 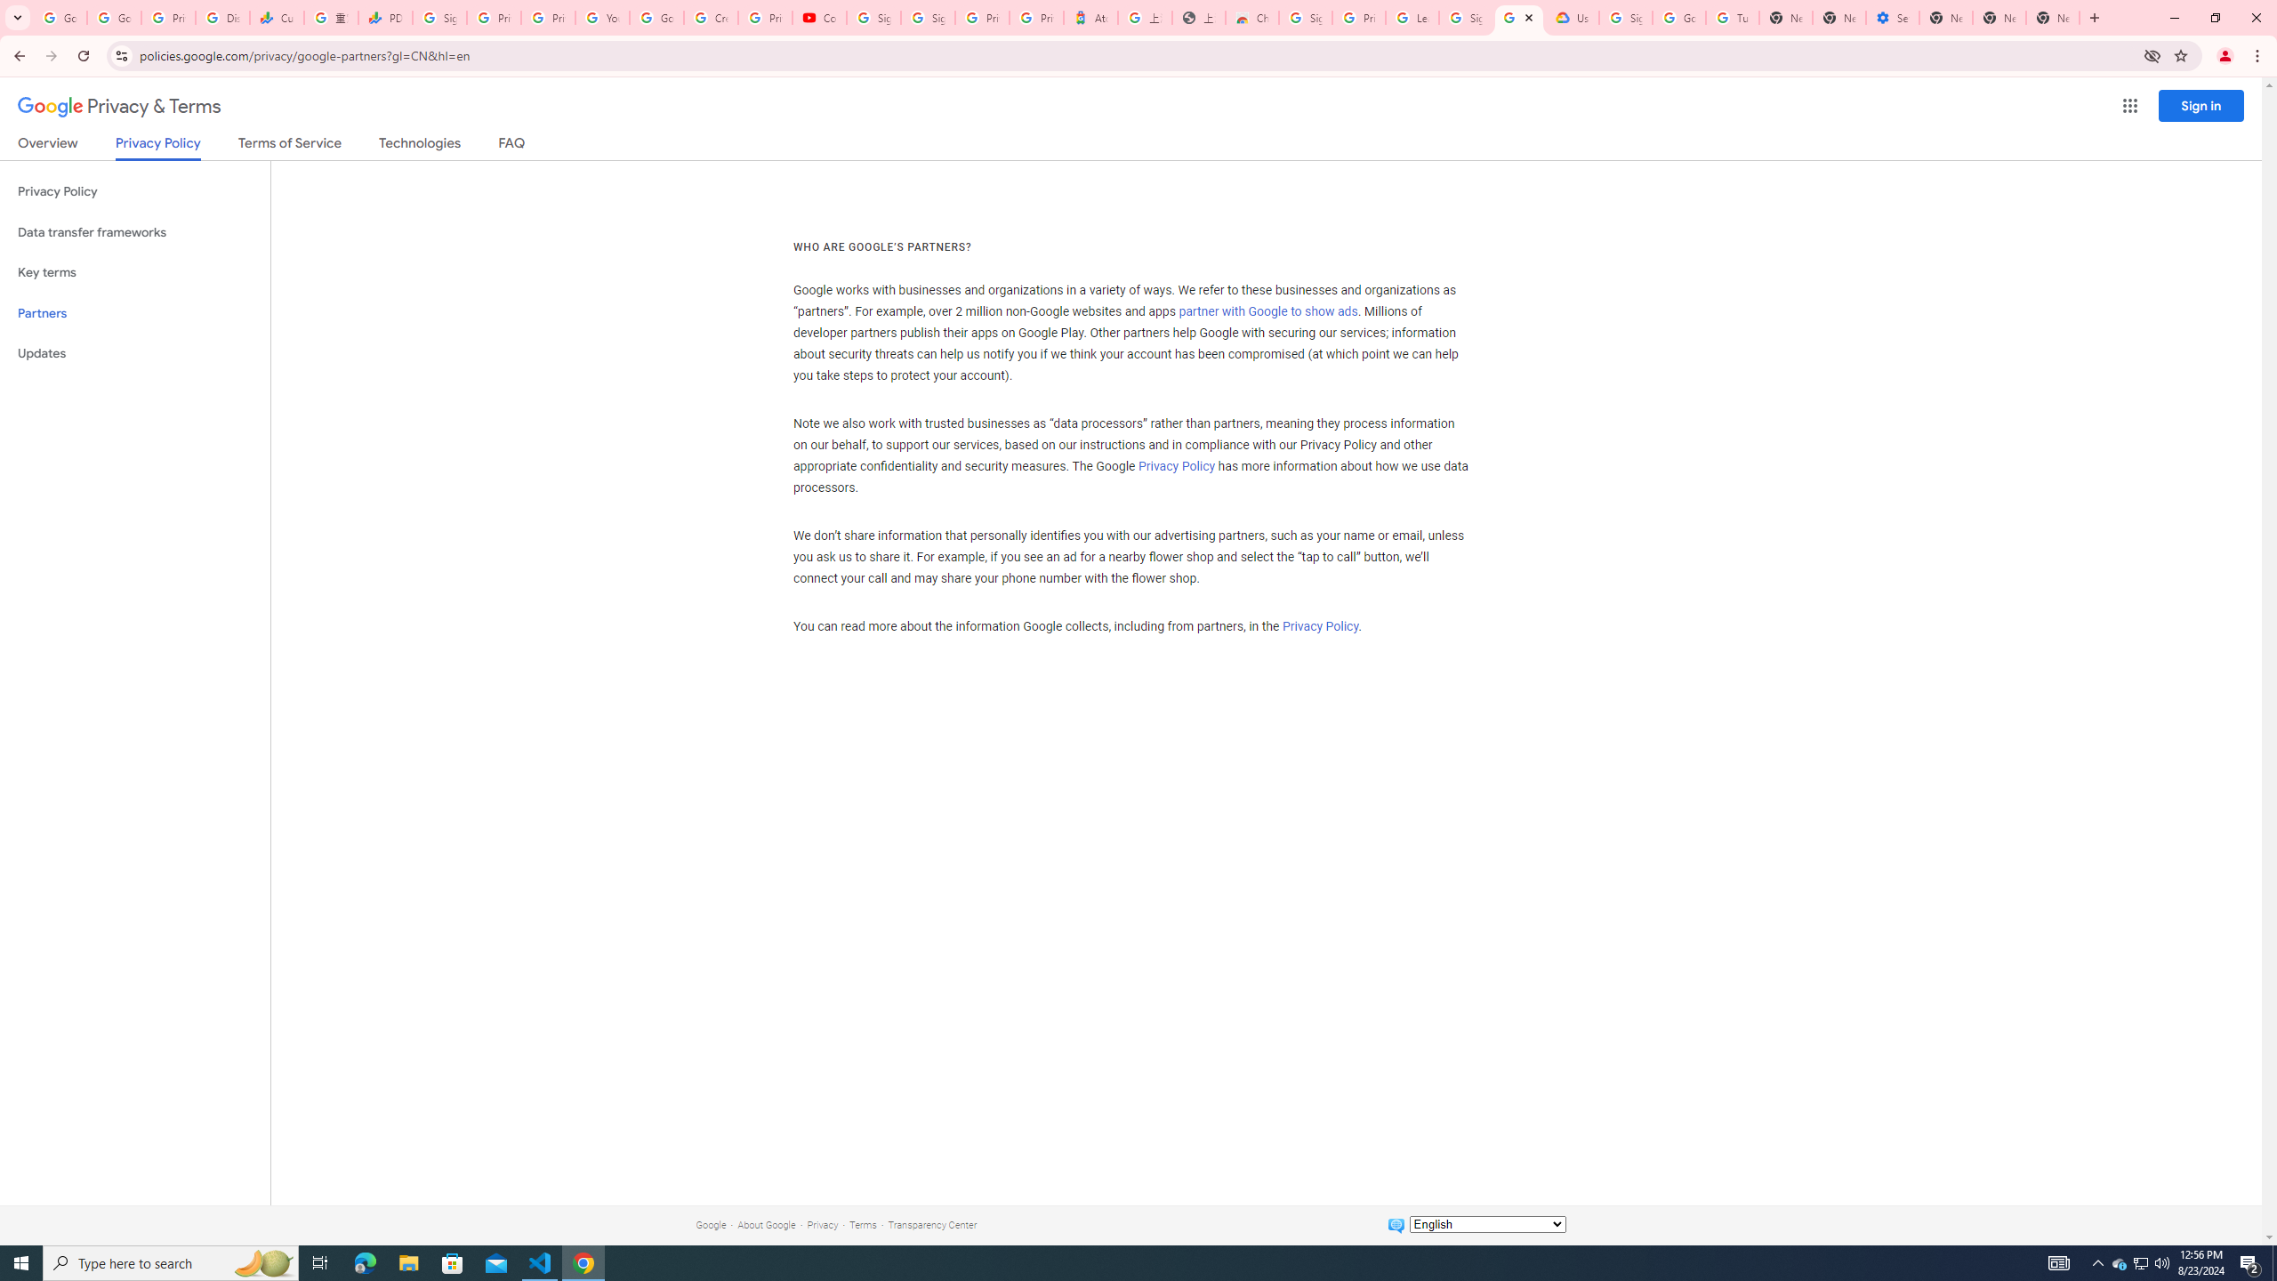 I want to click on 'Content Creator Programs & Opportunities - YouTube Creators', so click(x=819, y=17).